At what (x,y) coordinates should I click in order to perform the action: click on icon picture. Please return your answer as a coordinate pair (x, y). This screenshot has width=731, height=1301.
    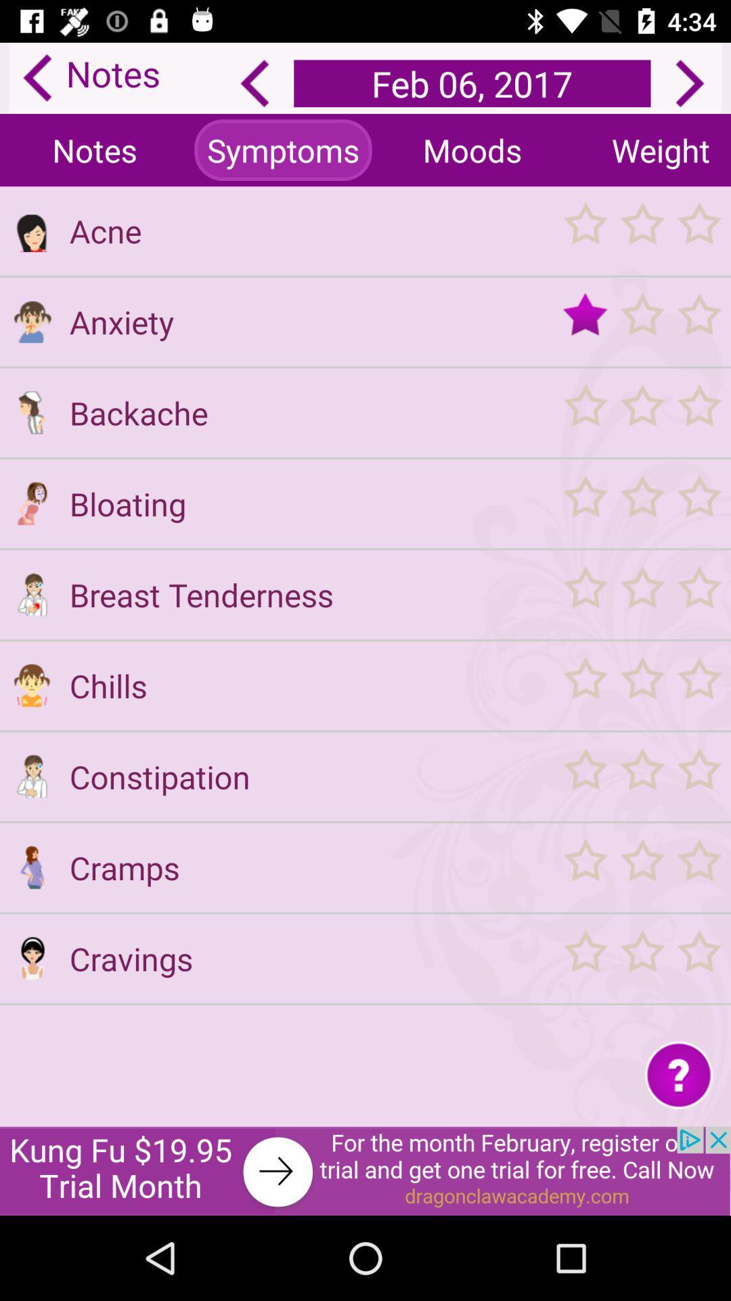
    Looking at the image, I should click on (31, 503).